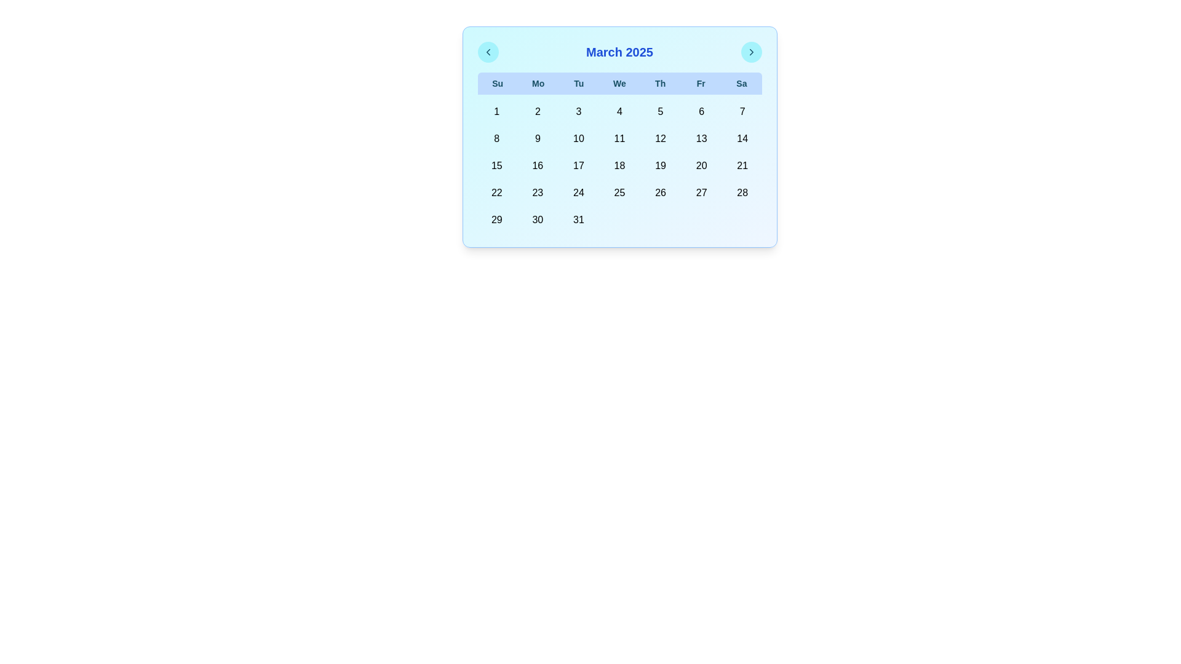 This screenshot has width=1181, height=664. Describe the element at coordinates (619, 83) in the screenshot. I see `the static text label representing the abbreviation for Wednesday in the calendar week header` at that location.